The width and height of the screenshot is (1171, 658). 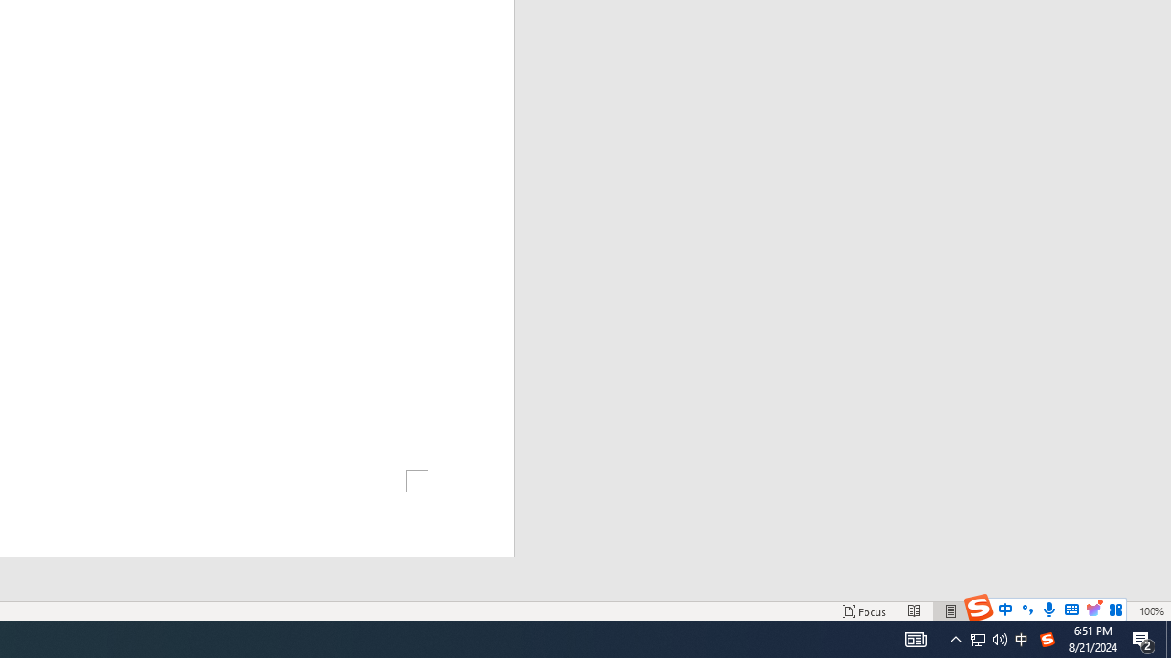 What do you see at coordinates (863, 611) in the screenshot?
I see `'Focus '` at bounding box center [863, 611].